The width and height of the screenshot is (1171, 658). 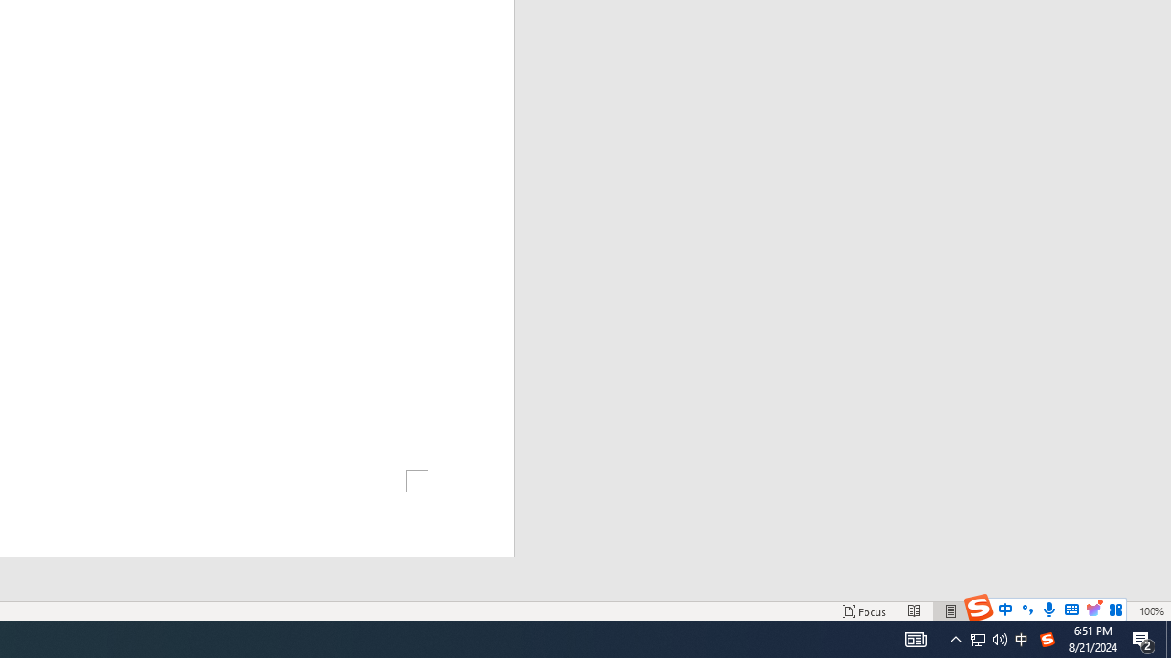 What do you see at coordinates (863, 611) in the screenshot?
I see `'Focus '` at bounding box center [863, 611].